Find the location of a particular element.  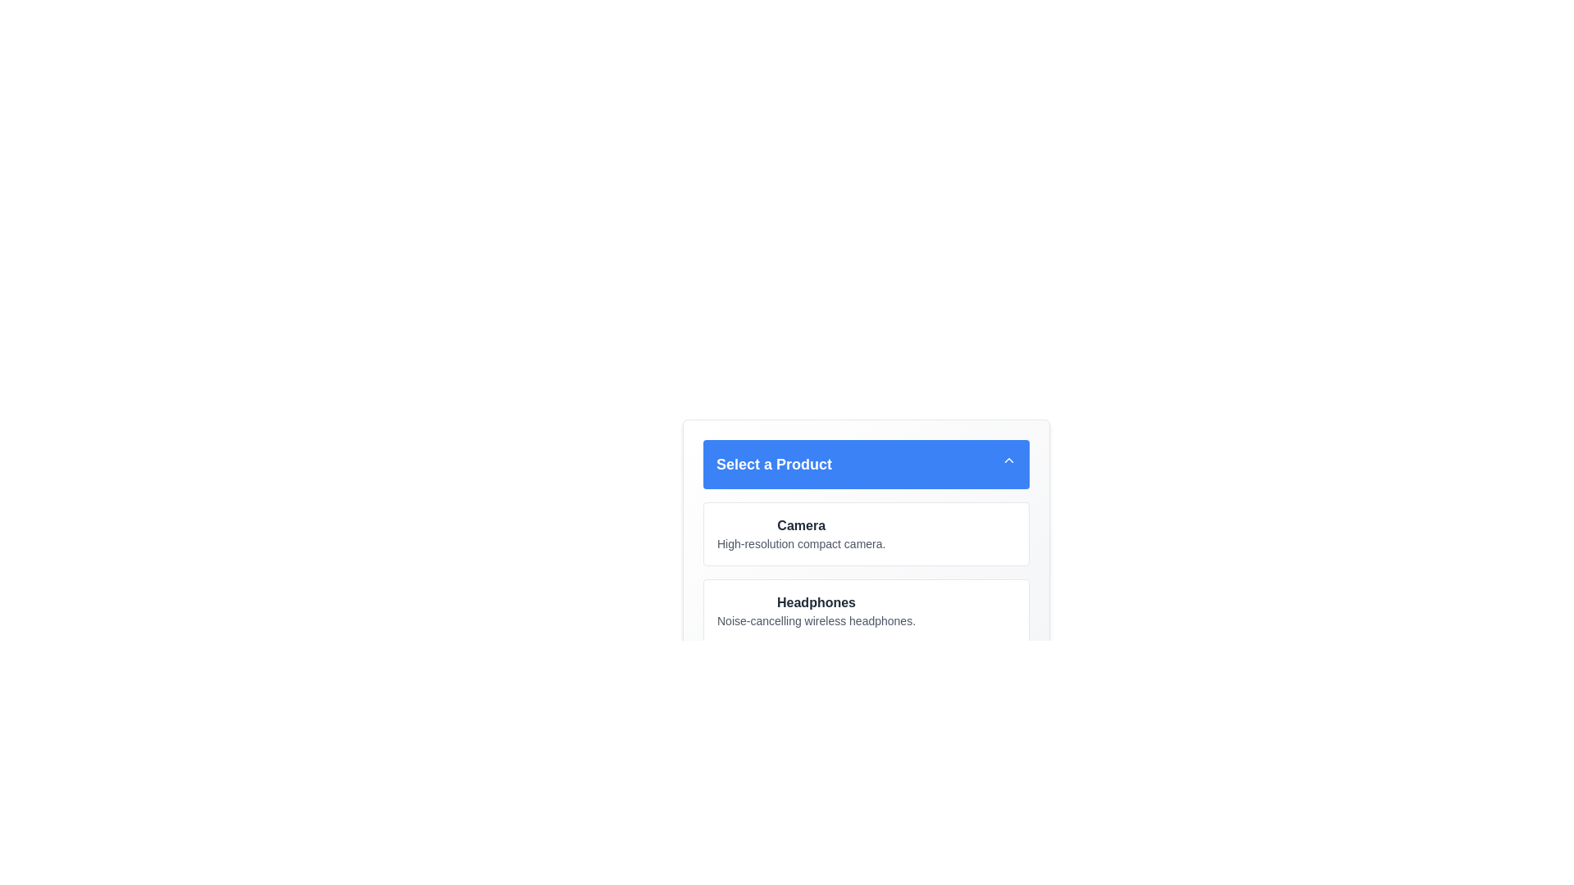

the informational text label for the product 'Headphones', located below the 'Camera' section in the 'Select a Product' list is located at coordinates (817, 610).